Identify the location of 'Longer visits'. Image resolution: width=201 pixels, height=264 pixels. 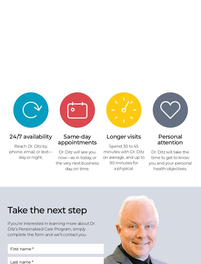
(124, 136).